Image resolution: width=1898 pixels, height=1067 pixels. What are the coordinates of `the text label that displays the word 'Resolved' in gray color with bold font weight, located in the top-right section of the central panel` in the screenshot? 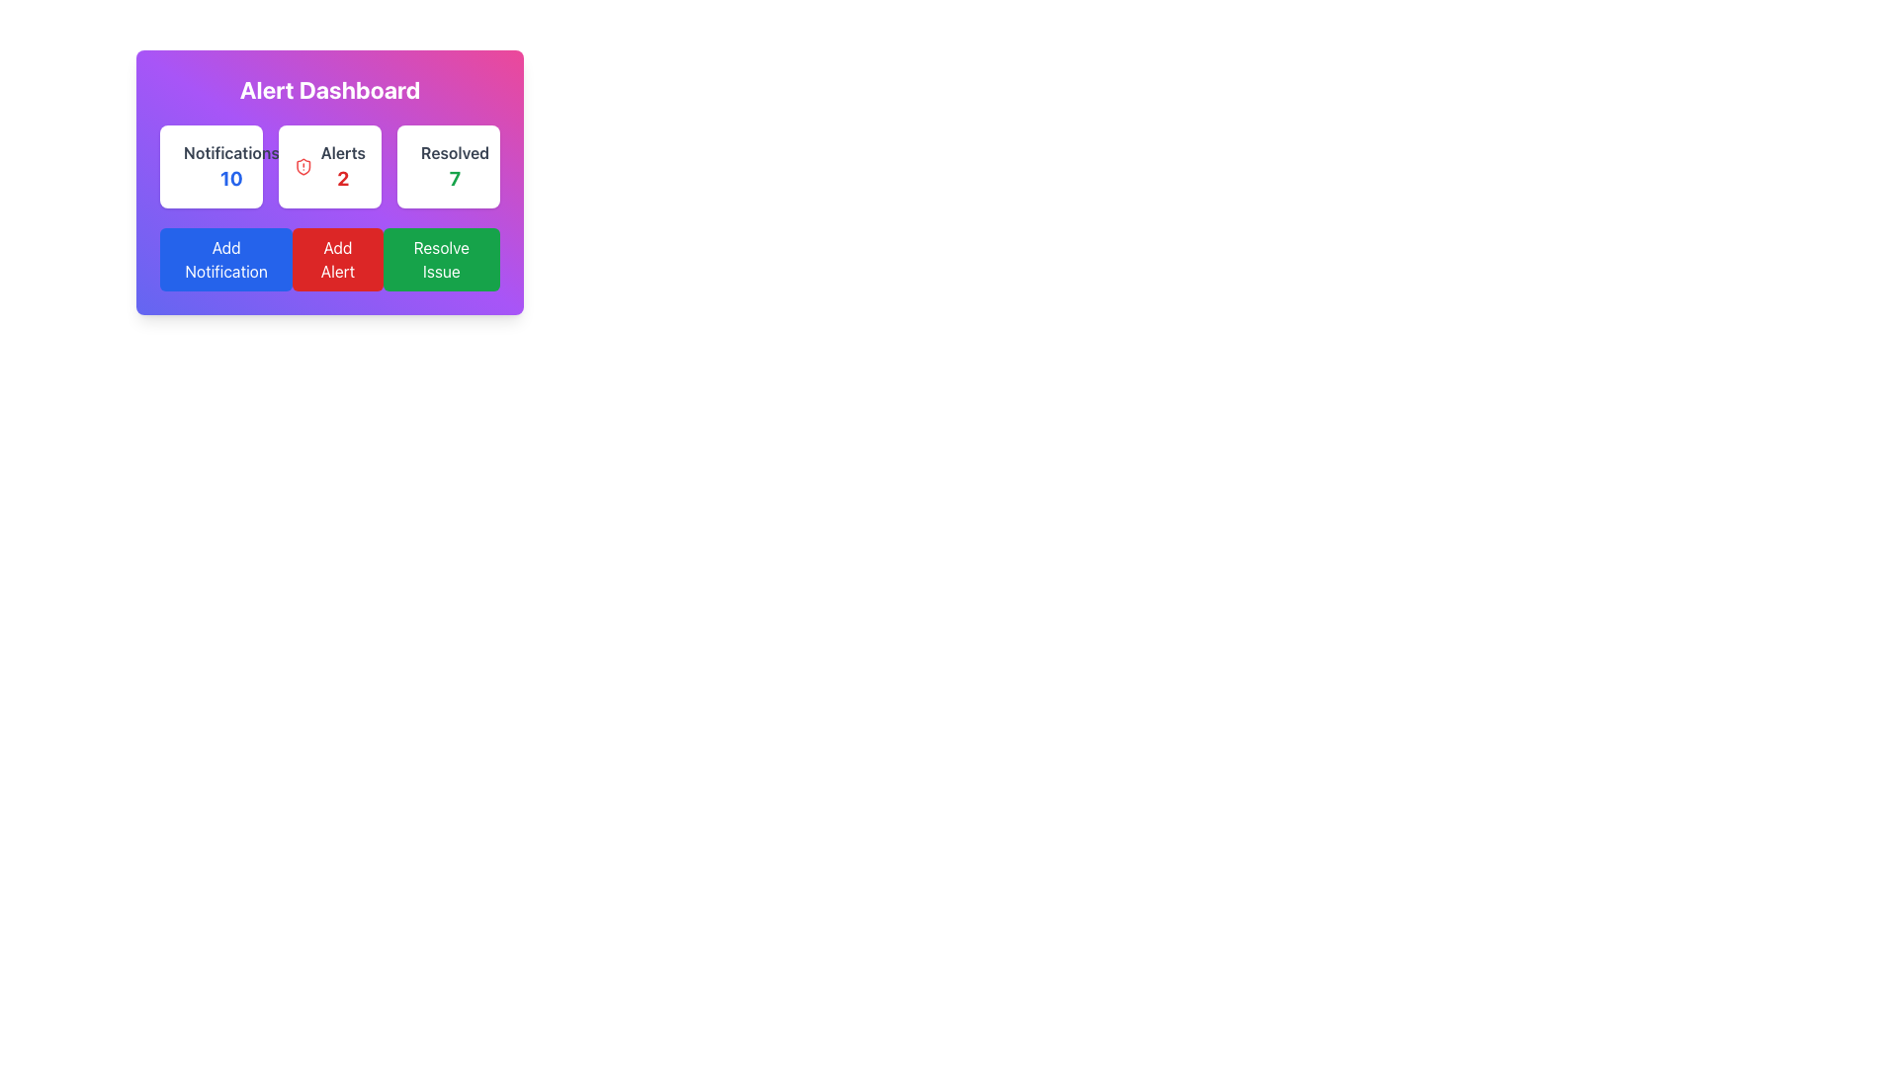 It's located at (454, 151).